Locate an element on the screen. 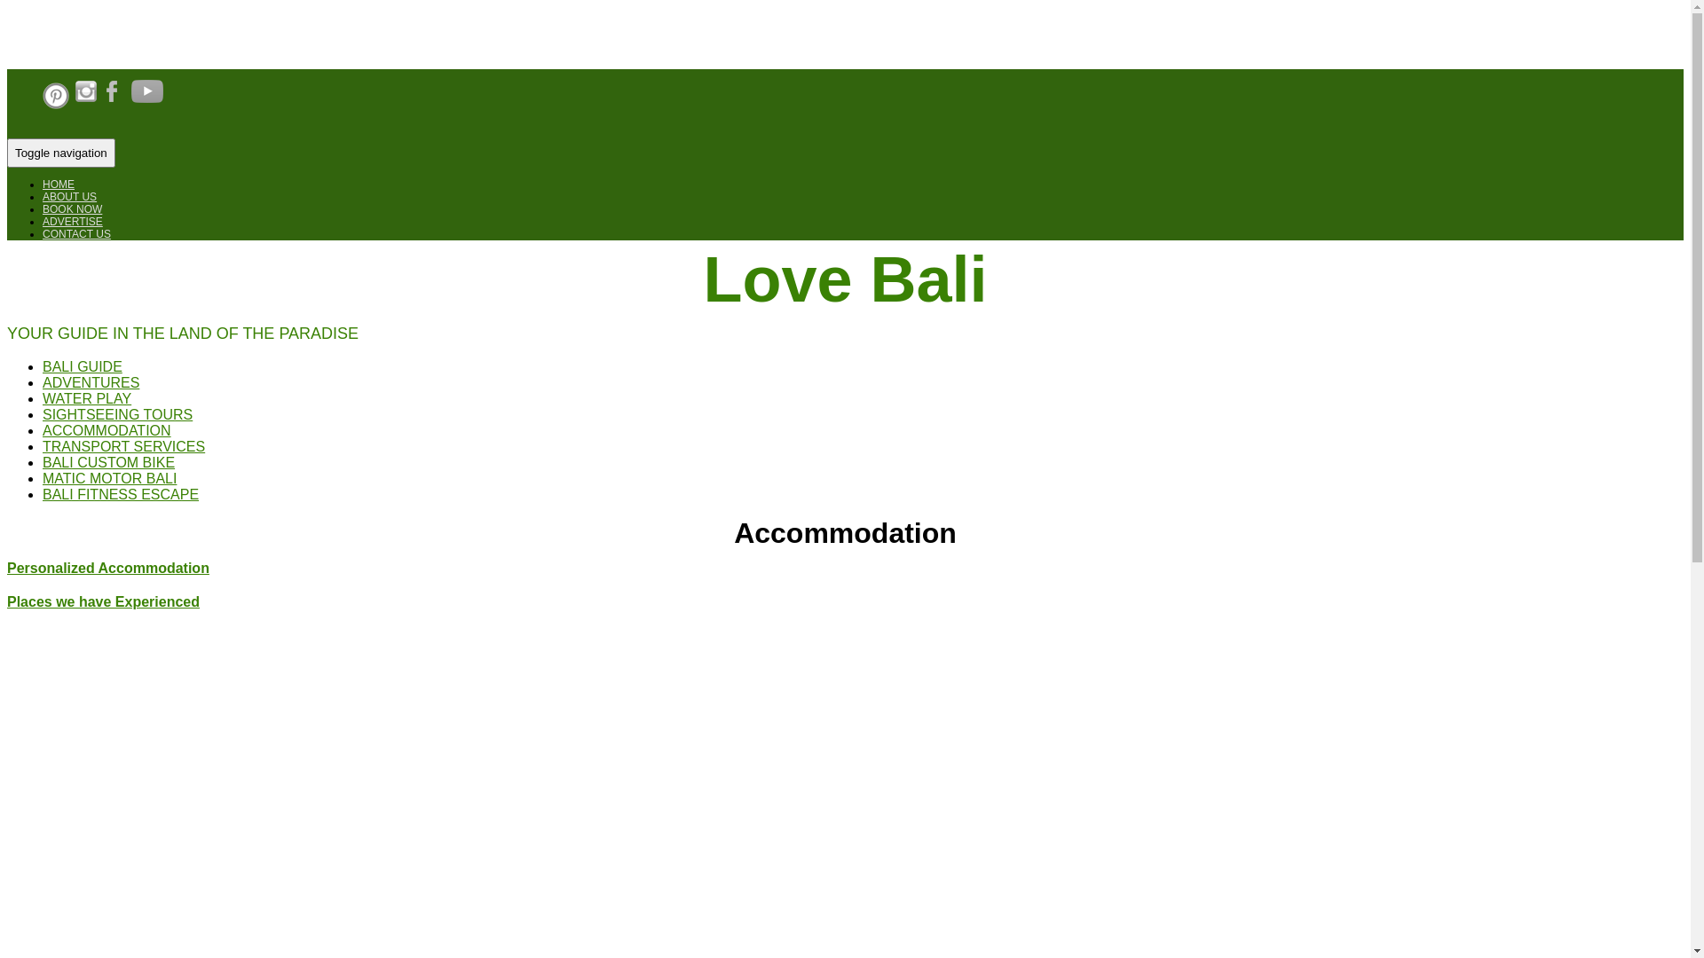 The width and height of the screenshot is (1704, 958). 'Personalized Accommodation' is located at coordinates (7, 568).